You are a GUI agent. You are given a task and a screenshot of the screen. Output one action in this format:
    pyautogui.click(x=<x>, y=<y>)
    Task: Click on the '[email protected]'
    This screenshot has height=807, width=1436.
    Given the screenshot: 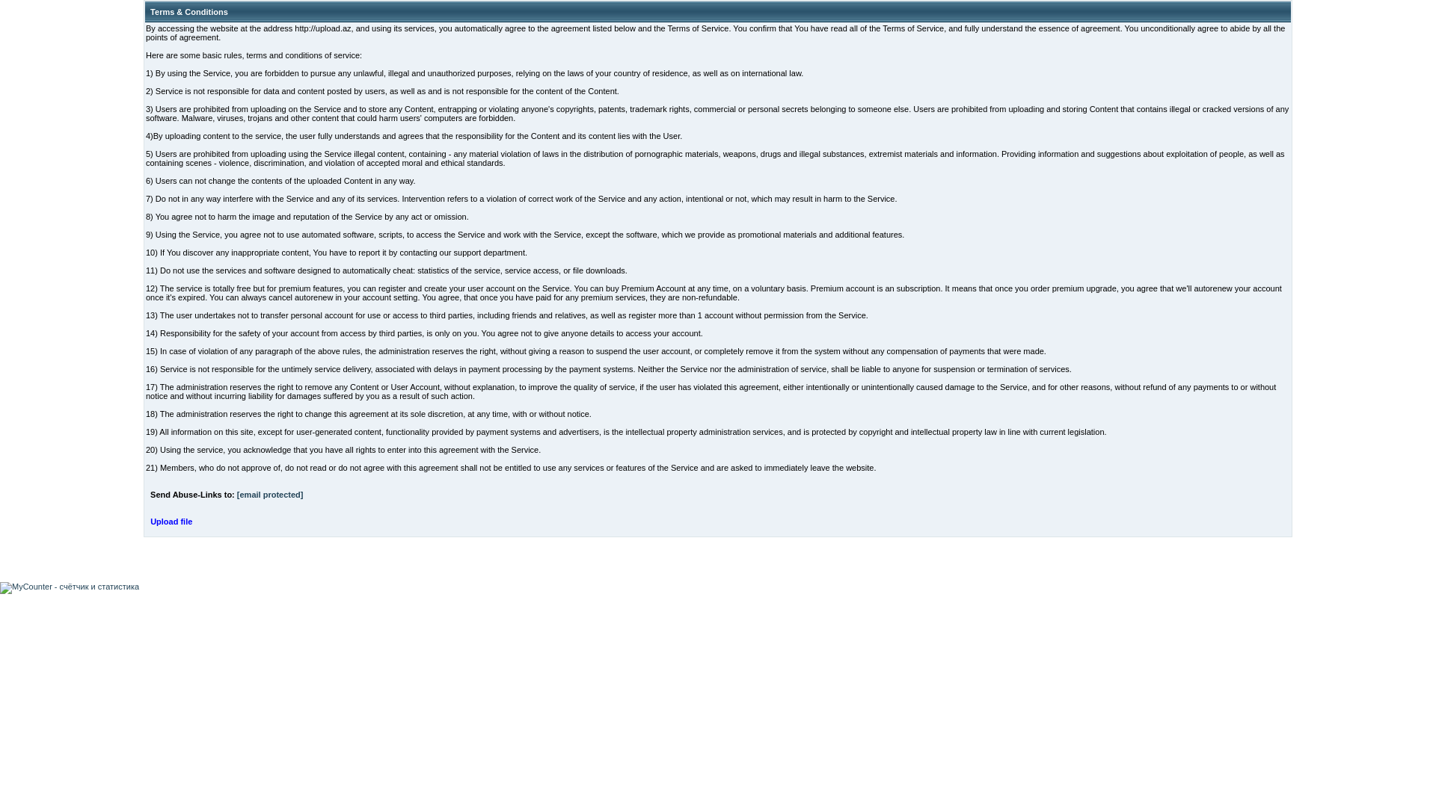 What is the action you would take?
    pyautogui.click(x=270, y=495)
    